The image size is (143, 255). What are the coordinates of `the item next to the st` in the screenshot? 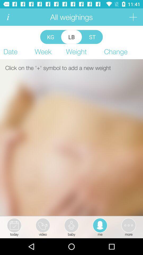 It's located at (71, 37).